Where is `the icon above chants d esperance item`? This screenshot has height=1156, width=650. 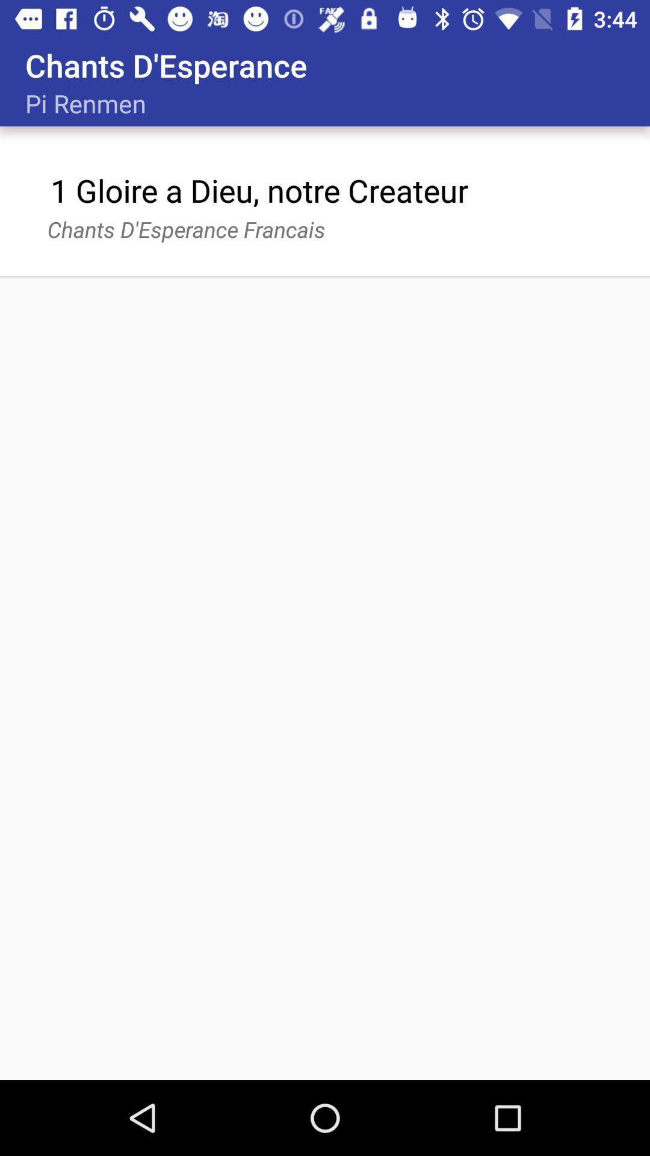
the icon above chants d esperance item is located at coordinates (259, 190).